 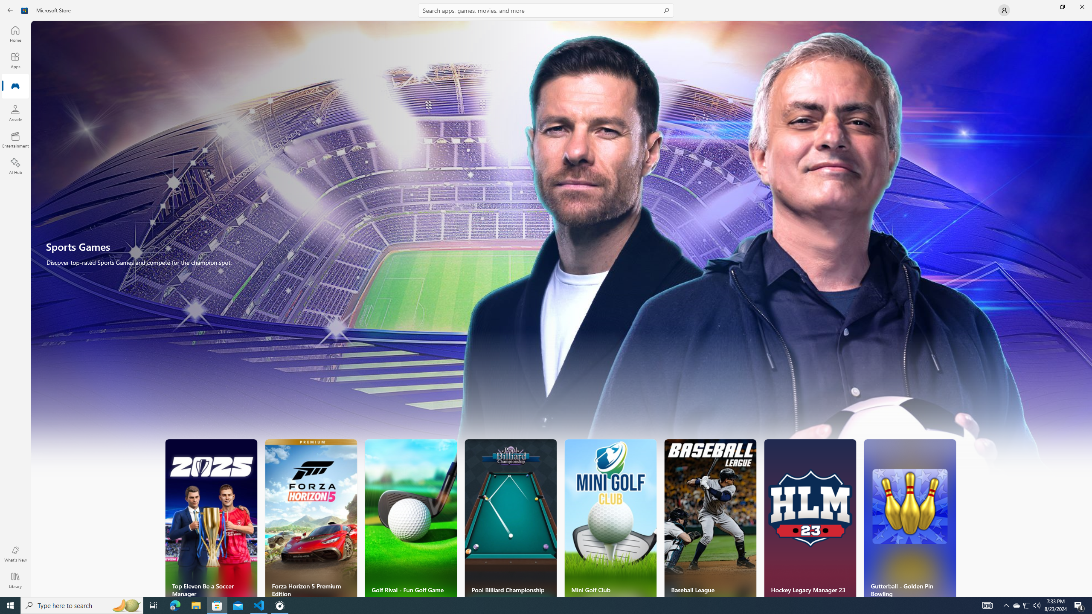 I want to click on 'AutomationID: HeroOverlayImage', so click(x=561, y=253).